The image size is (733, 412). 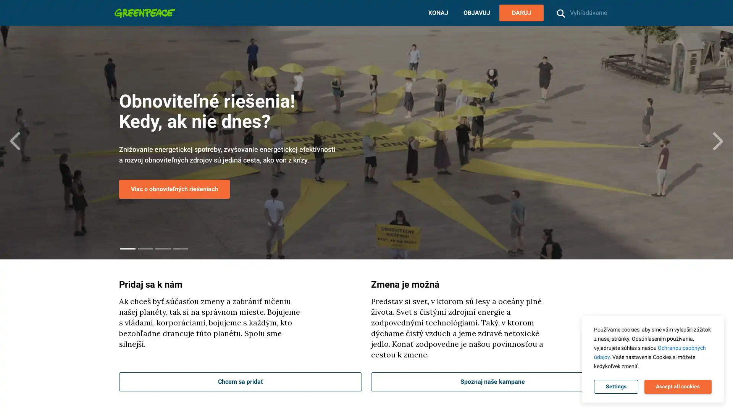 I want to click on Accept all cookies, so click(x=678, y=387).